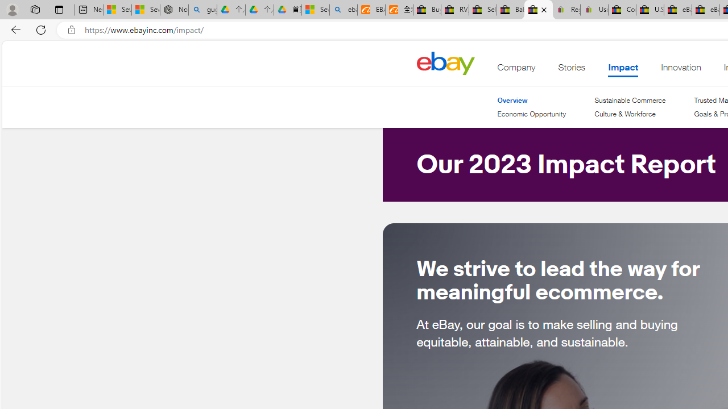 This screenshot has width=728, height=409. What do you see at coordinates (531, 114) in the screenshot?
I see `'Economic Opportunity'` at bounding box center [531, 114].